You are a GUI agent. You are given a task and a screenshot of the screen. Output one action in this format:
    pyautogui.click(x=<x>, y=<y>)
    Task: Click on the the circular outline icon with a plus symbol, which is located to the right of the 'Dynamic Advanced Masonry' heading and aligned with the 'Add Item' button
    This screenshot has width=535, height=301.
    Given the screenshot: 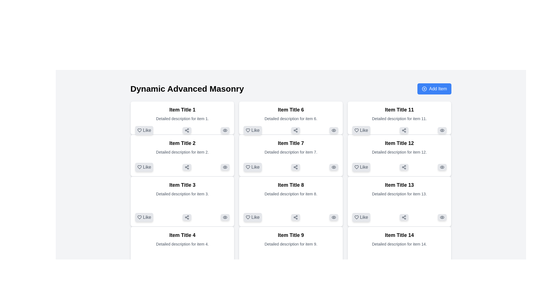 What is the action you would take?
    pyautogui.click(x=424, y=89)
    